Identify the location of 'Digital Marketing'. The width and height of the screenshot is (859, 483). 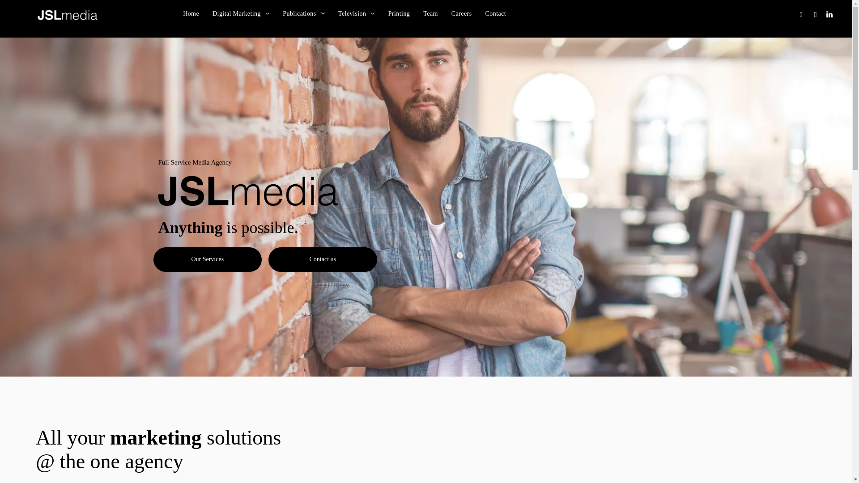
(241, 13).